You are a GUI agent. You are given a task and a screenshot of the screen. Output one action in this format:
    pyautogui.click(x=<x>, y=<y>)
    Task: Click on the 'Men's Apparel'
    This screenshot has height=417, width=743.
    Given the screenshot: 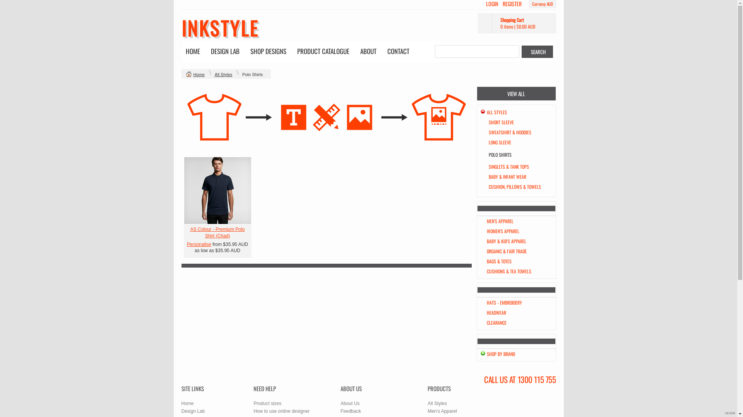 What is the action you would take?
    pyautogui.click(x=442, y=410)
    